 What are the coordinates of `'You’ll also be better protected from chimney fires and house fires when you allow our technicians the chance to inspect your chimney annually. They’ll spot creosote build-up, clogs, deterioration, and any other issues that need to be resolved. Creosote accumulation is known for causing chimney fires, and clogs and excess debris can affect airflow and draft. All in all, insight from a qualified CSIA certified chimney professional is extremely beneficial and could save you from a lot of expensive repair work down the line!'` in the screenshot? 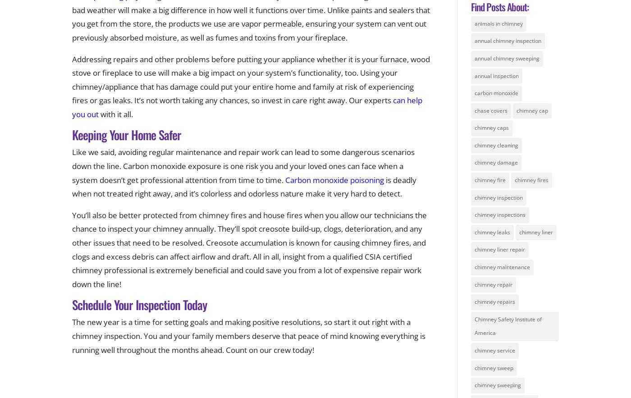 It's located at (249, 249).